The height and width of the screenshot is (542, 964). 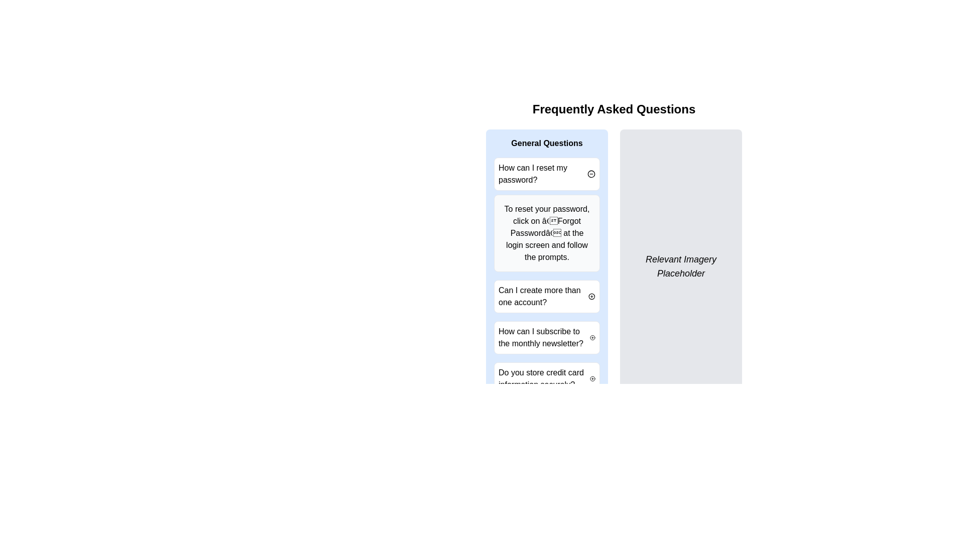 I want to click on the Icon button located at the far-right side of the FAQ entry titled 'Can I create more than one account?', so click(x=592, y=296).